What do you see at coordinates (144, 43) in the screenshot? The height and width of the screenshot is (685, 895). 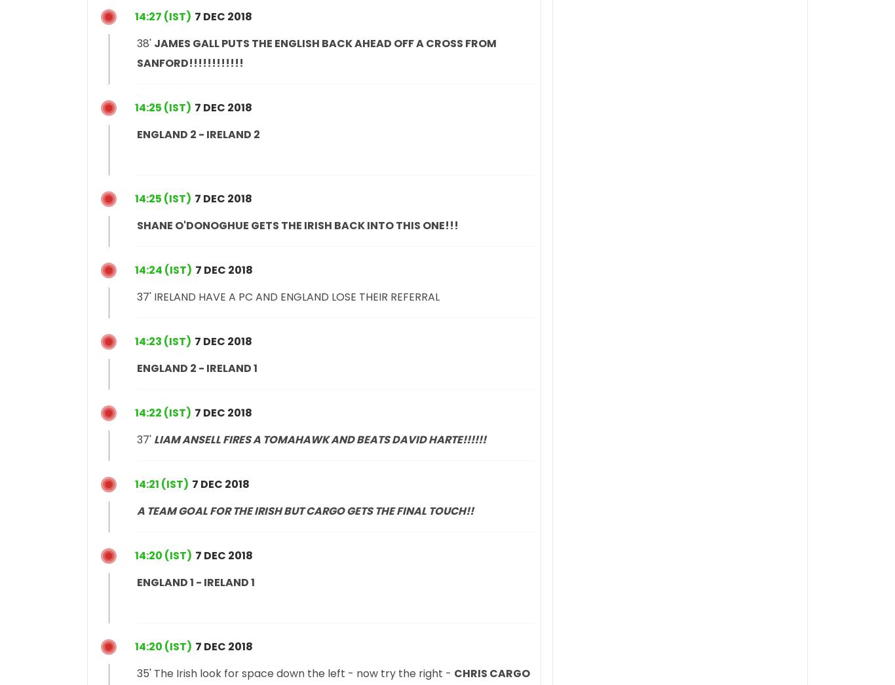 I see `'38''` at bounding box center [144, 43].